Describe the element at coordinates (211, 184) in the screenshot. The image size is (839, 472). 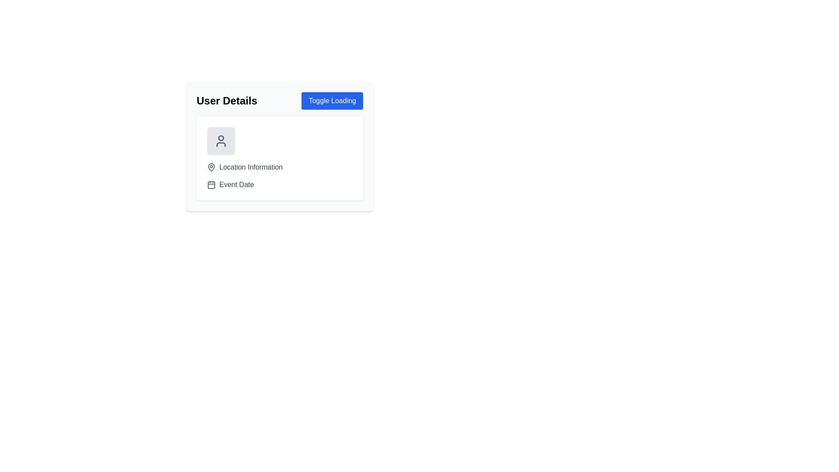
I see `the calendar icon located in the 'Event Date' section, which is inside the 'User Details' card, positioned second below the 'Location Information'` at that location.